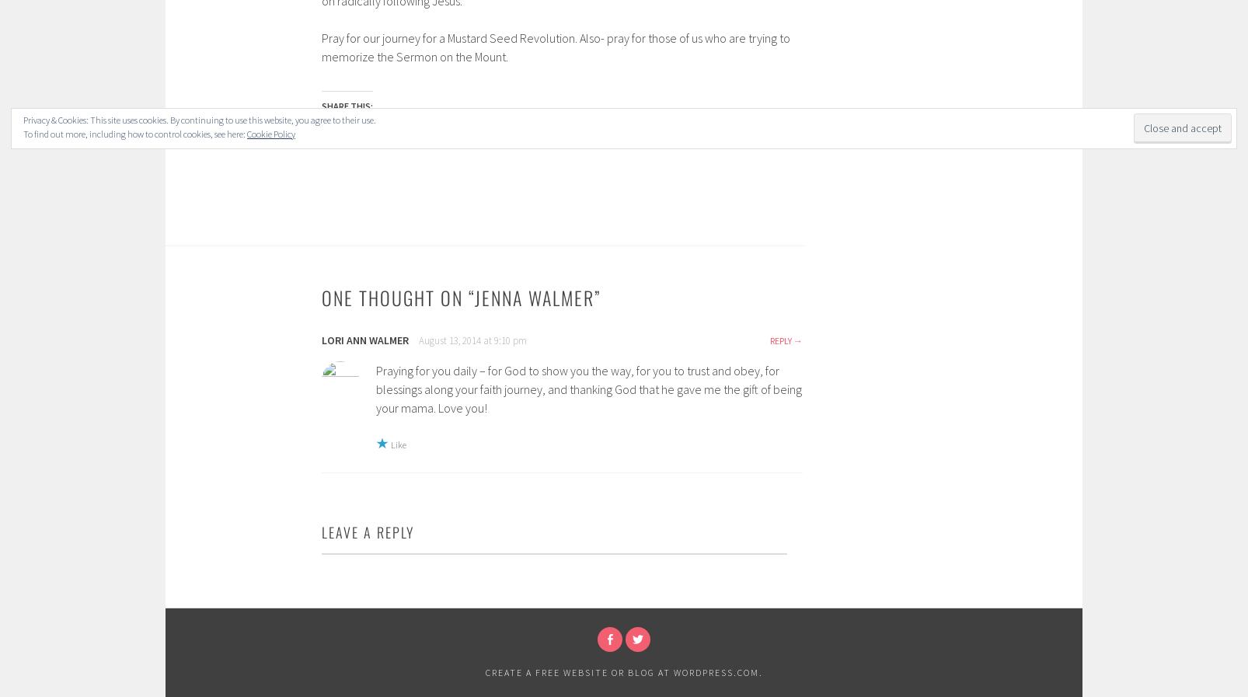 This screenshot has width=1248, height=697. Describe the element at coordinates (199, 119) in the screenshot. I see `'Privacy & Cookies: This site uses cookies. By continuing to use this website, you agree to their use.'` at that location.